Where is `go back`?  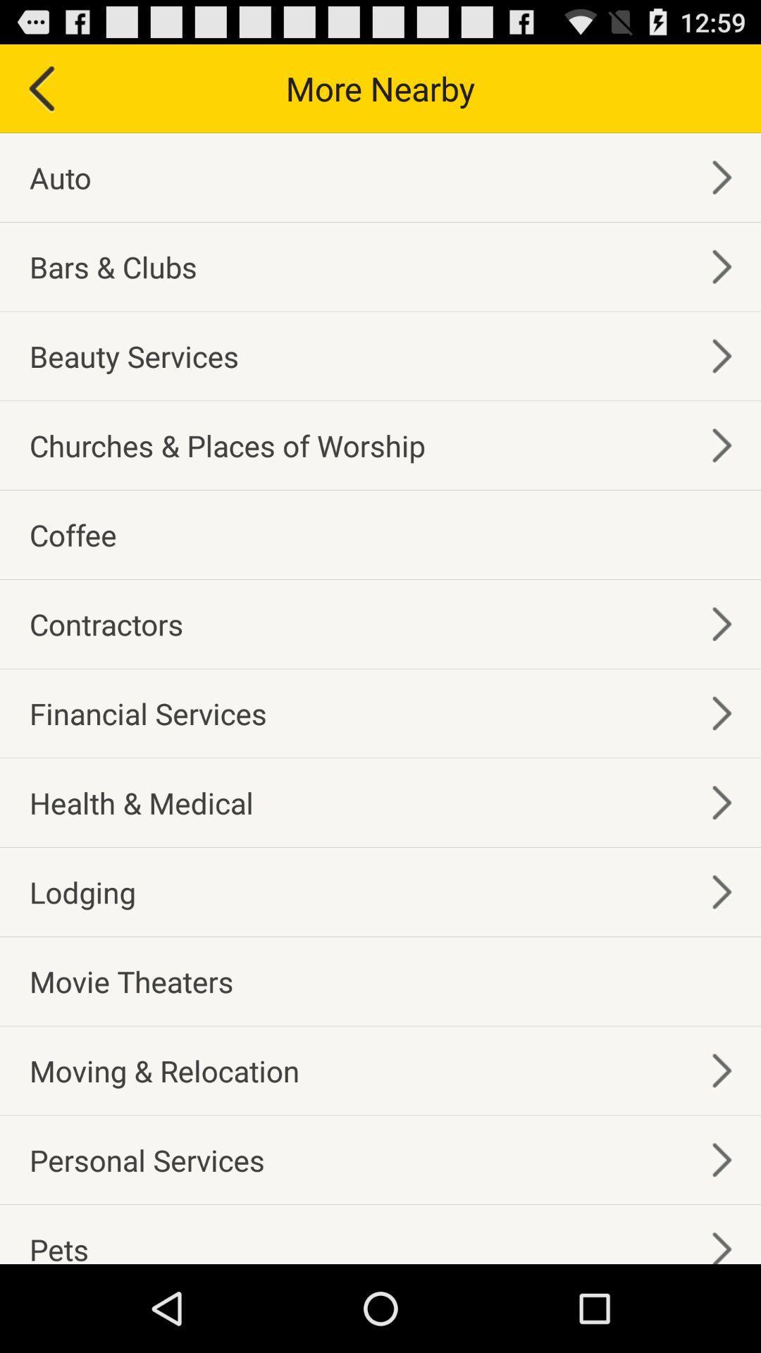
go back is located at coordinates (39, 87).